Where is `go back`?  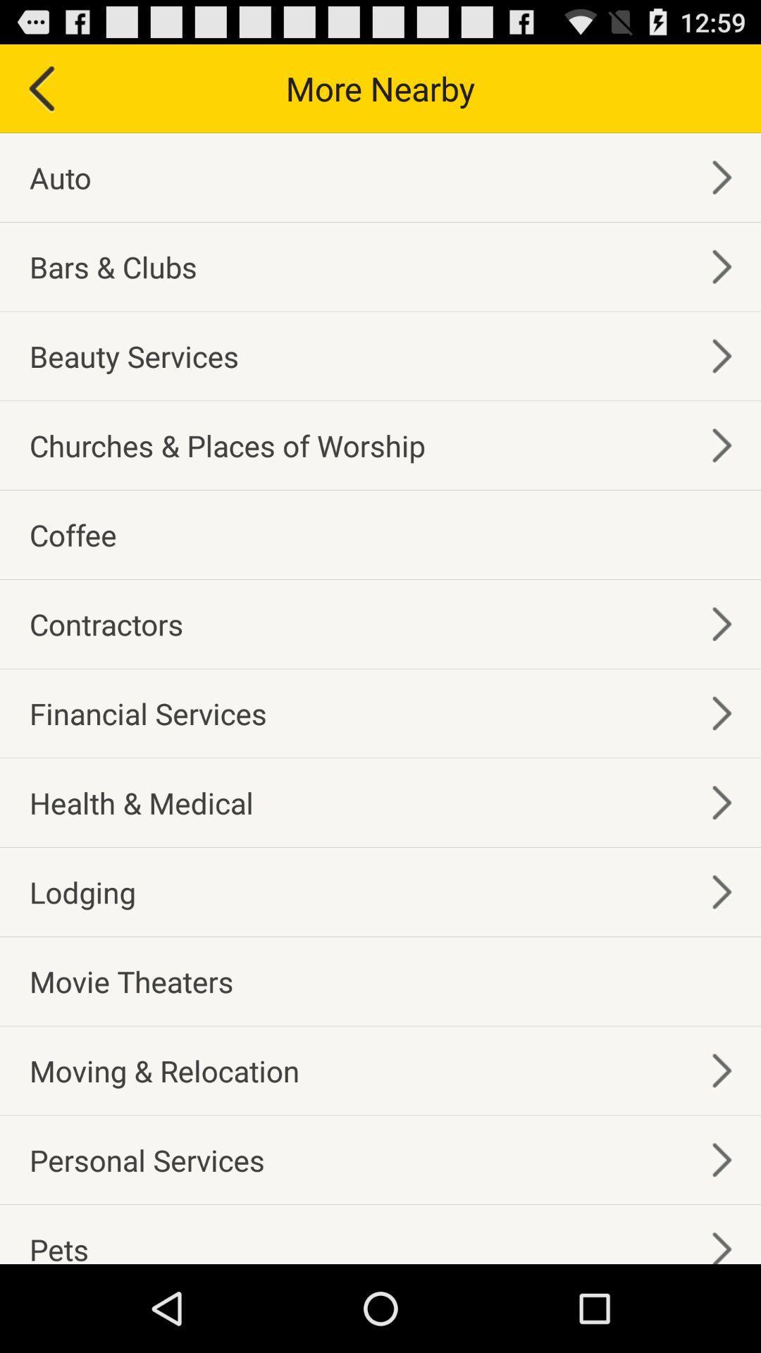
go back is located at coordinates (39, 87).